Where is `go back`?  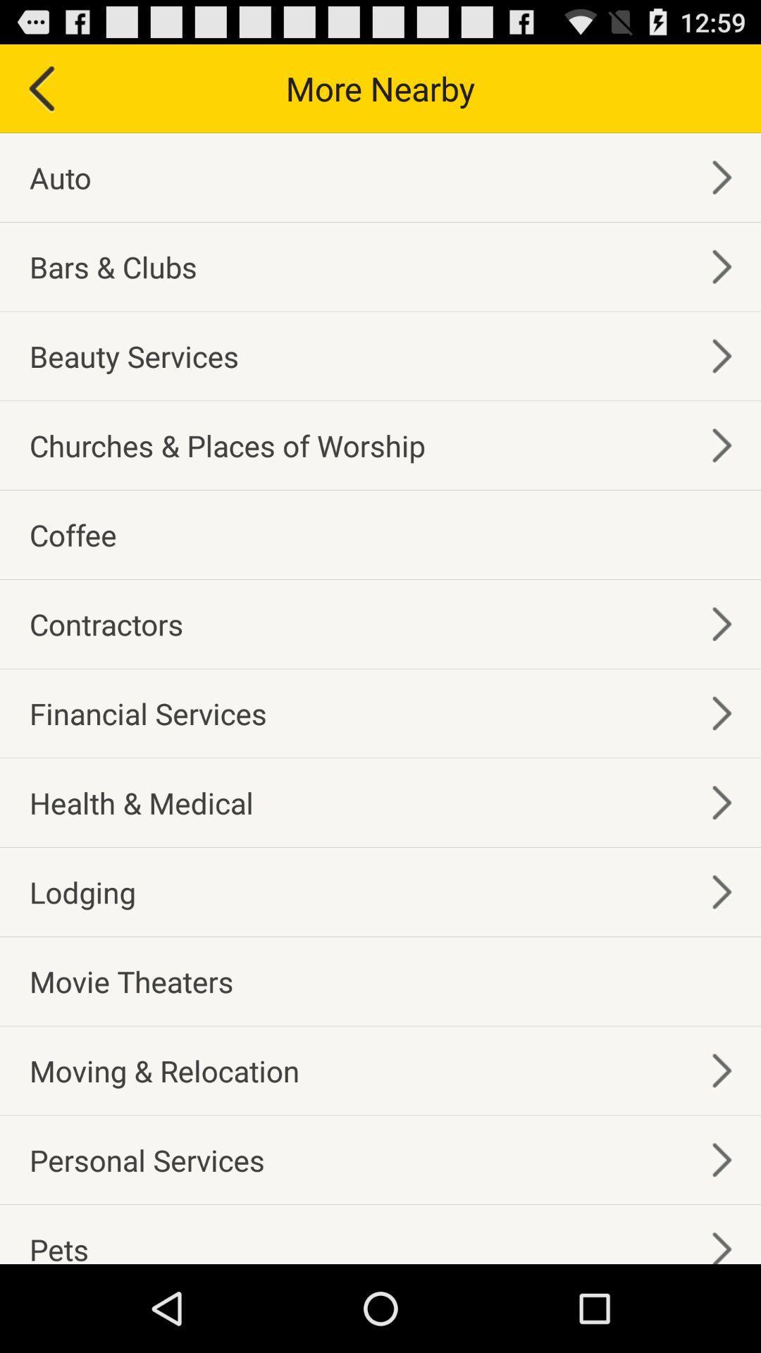
go back is located at coordinates (39, 87).